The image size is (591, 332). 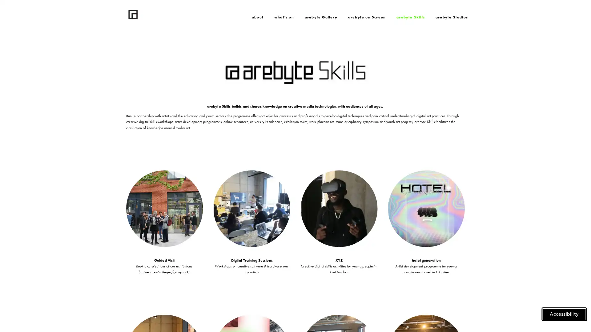 What do you see at coordinates (564, 314) in the screenshot?
I see `Accessibility Menu` at bounding box center [564, 314].